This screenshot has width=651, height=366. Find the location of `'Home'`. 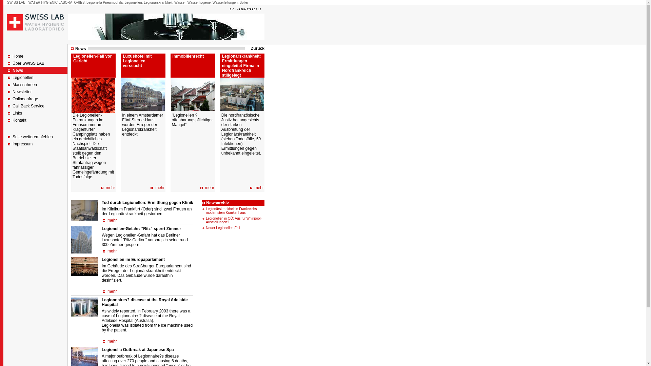

'Home' is located at coordinates (13, 56).